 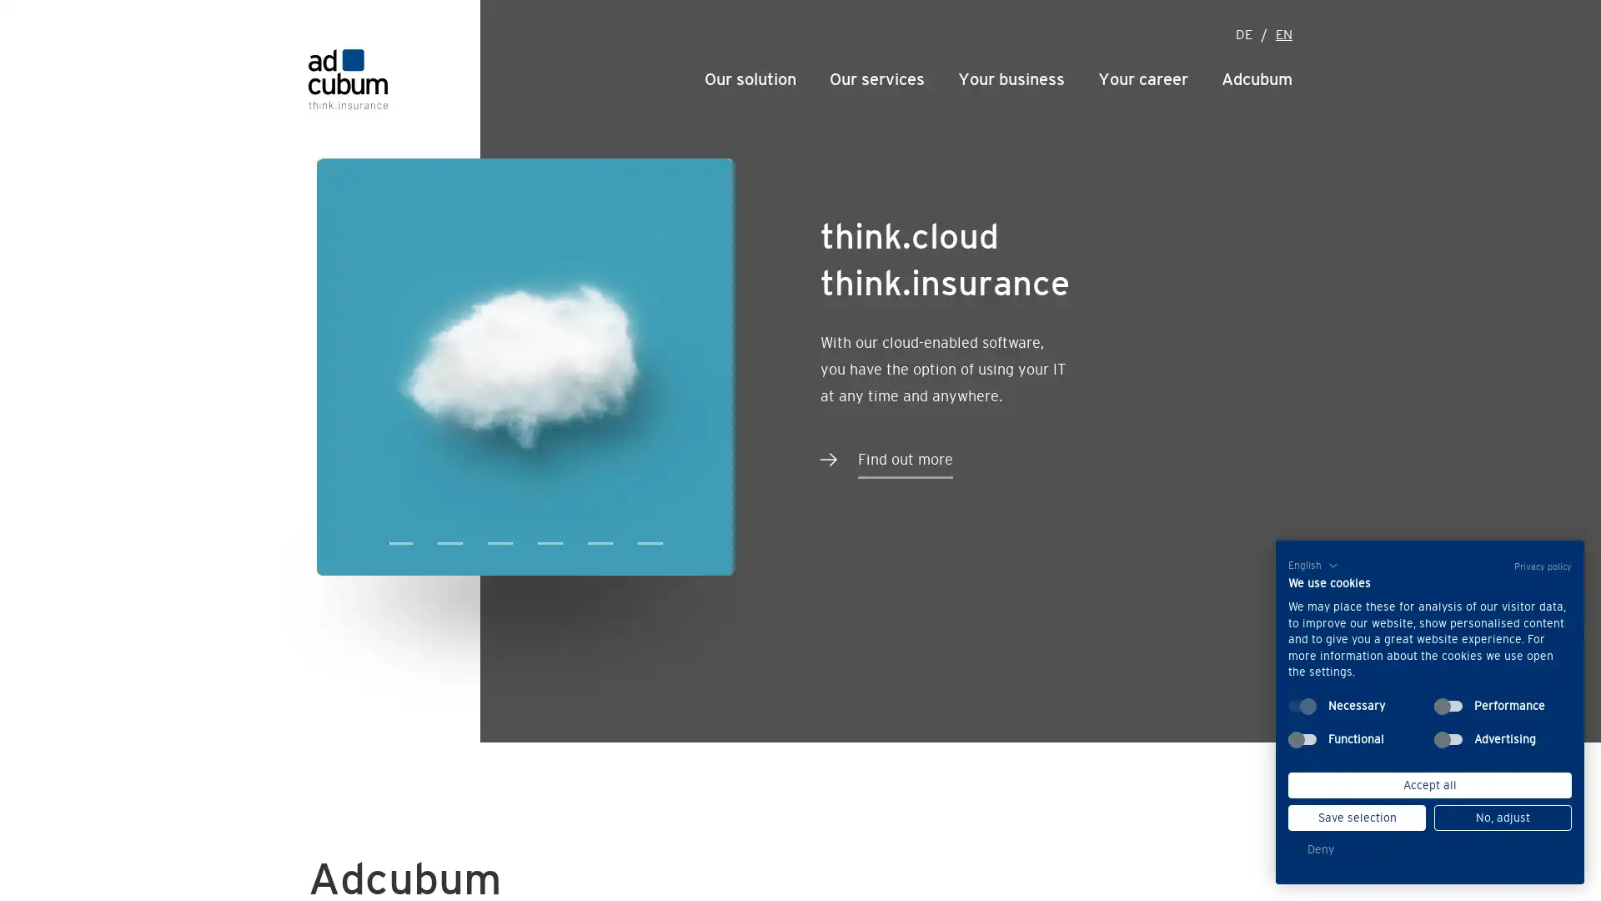 What do you see at coordinates (1503, 817) in the screenshot?
I see `No, adjust` at bounding box center [1503, 817].